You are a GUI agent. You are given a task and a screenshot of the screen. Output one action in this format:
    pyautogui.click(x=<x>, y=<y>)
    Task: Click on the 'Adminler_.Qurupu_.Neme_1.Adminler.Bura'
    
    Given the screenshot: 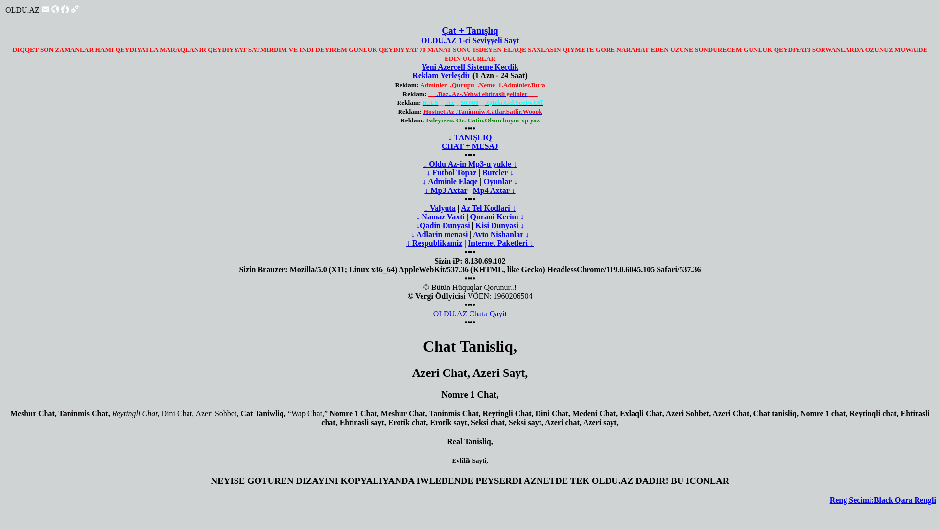 What is the action you would take?
    pyautogui.click(x=482, y=84)
    